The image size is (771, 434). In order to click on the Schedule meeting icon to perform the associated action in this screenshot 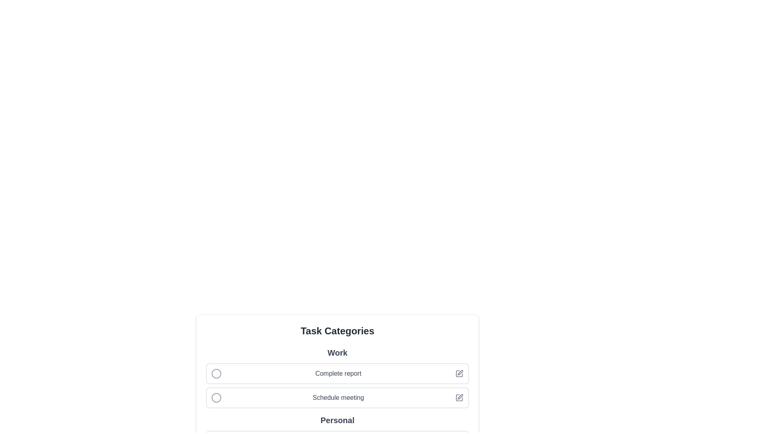, I will do `click(459, 398)`.